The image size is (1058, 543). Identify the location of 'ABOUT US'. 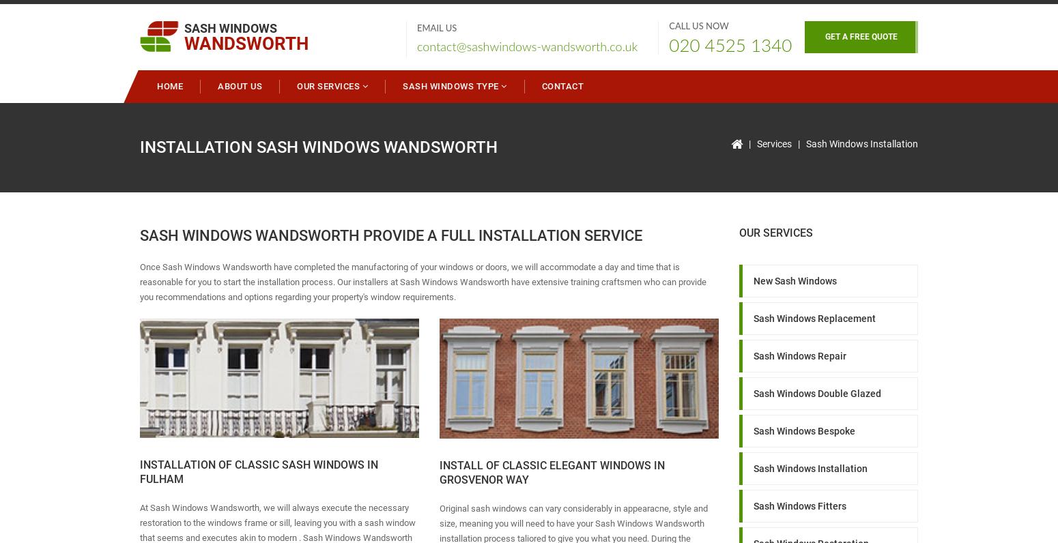
(239, 86).